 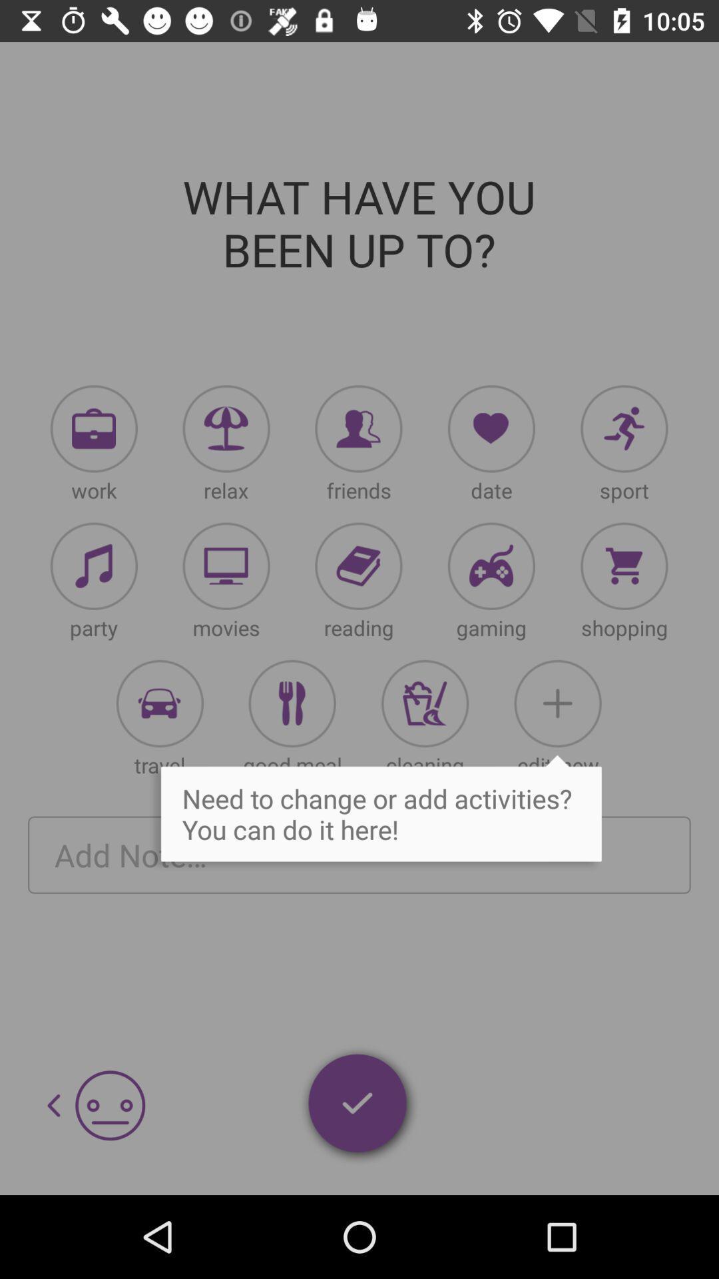 What do you see at coordinates (358, 566) in the screenshot?
I see `open reading` at bounding box center [358, 566].